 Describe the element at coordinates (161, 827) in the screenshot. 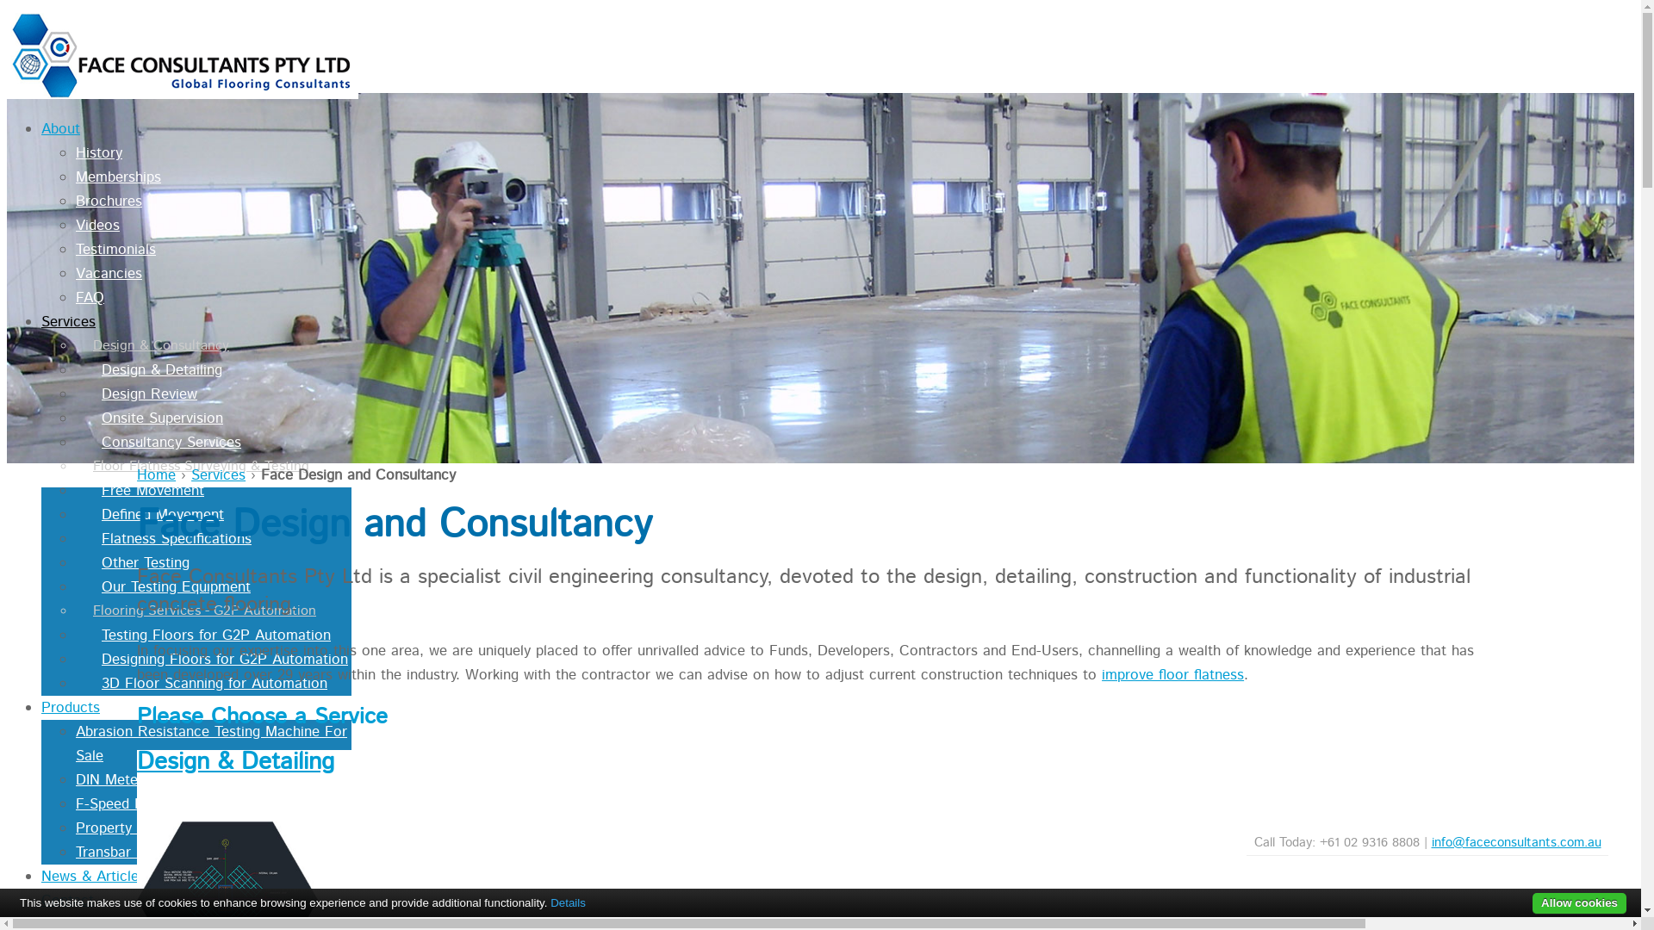

I see `'Property II Meter For Sale'` at that location.